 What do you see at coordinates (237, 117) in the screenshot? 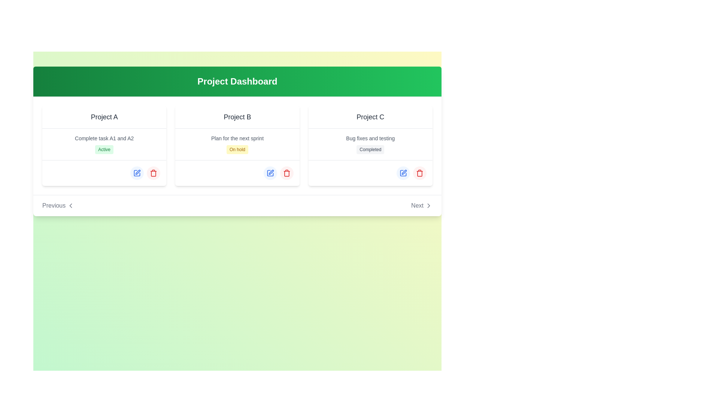
I see `the 'Project B' text label, which is styled in a large, bold font and located within the second card from the left, just below the 'Project Dashboard' header` at bounding box center [237, 117].